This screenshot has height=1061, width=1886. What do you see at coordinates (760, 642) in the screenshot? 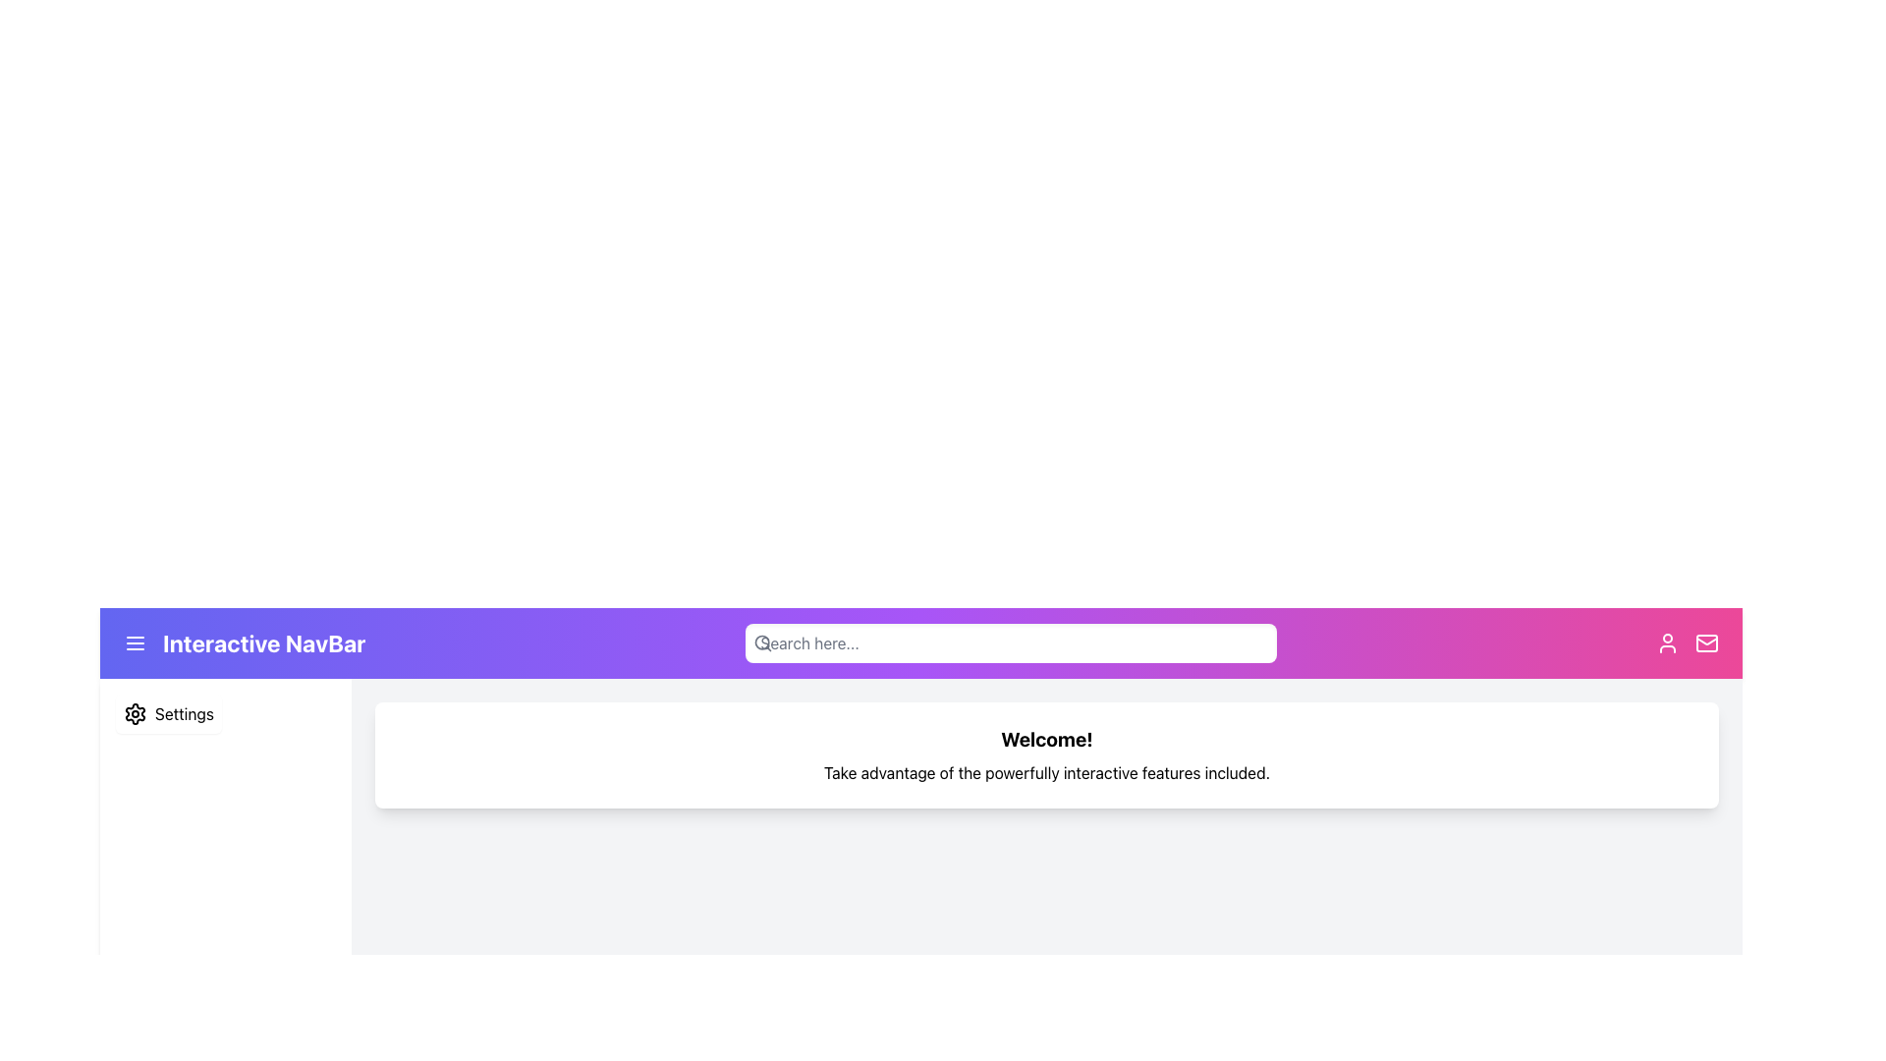
I see `the circular part of the magnifying glass icon located` at bounding box center [760, 642].